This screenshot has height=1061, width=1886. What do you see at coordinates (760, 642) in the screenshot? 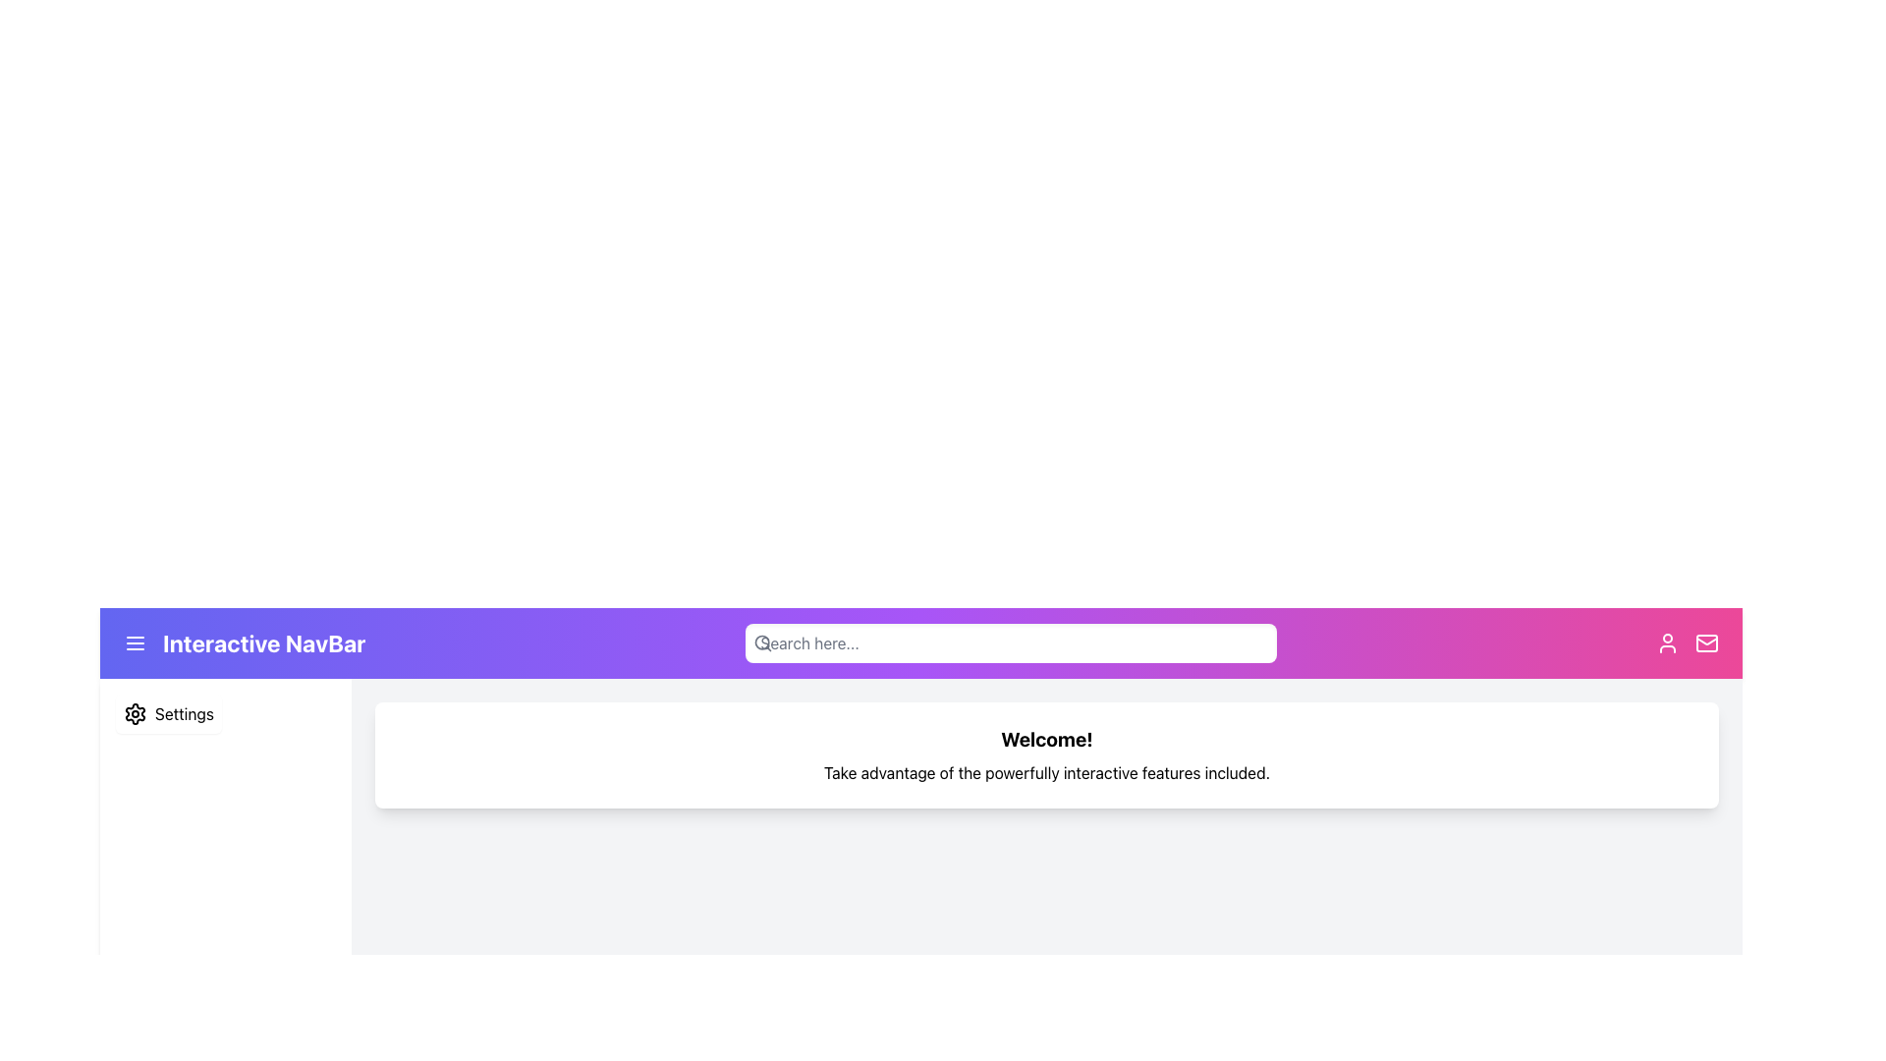
I see `the circular part of the magnifying glass icon located` at bounding box center [760, 642].